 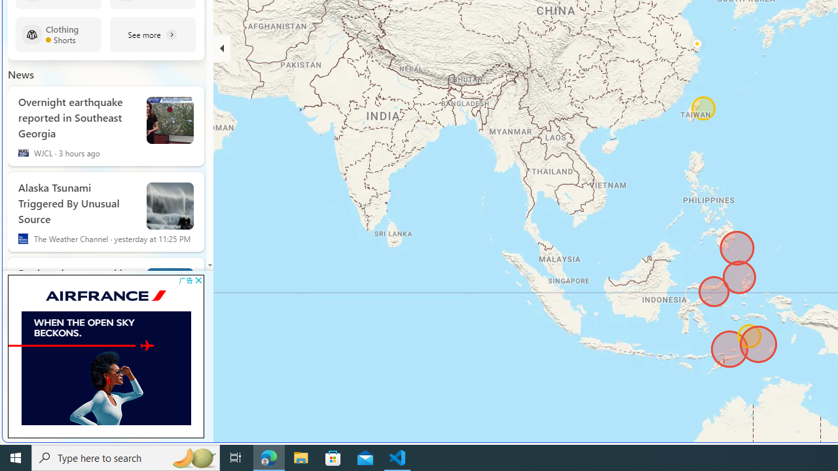 What do you see at coordinates (198, 279) in the screenshot?
I see `'AutomationID: cbb'` at bounding box center [198, 279].